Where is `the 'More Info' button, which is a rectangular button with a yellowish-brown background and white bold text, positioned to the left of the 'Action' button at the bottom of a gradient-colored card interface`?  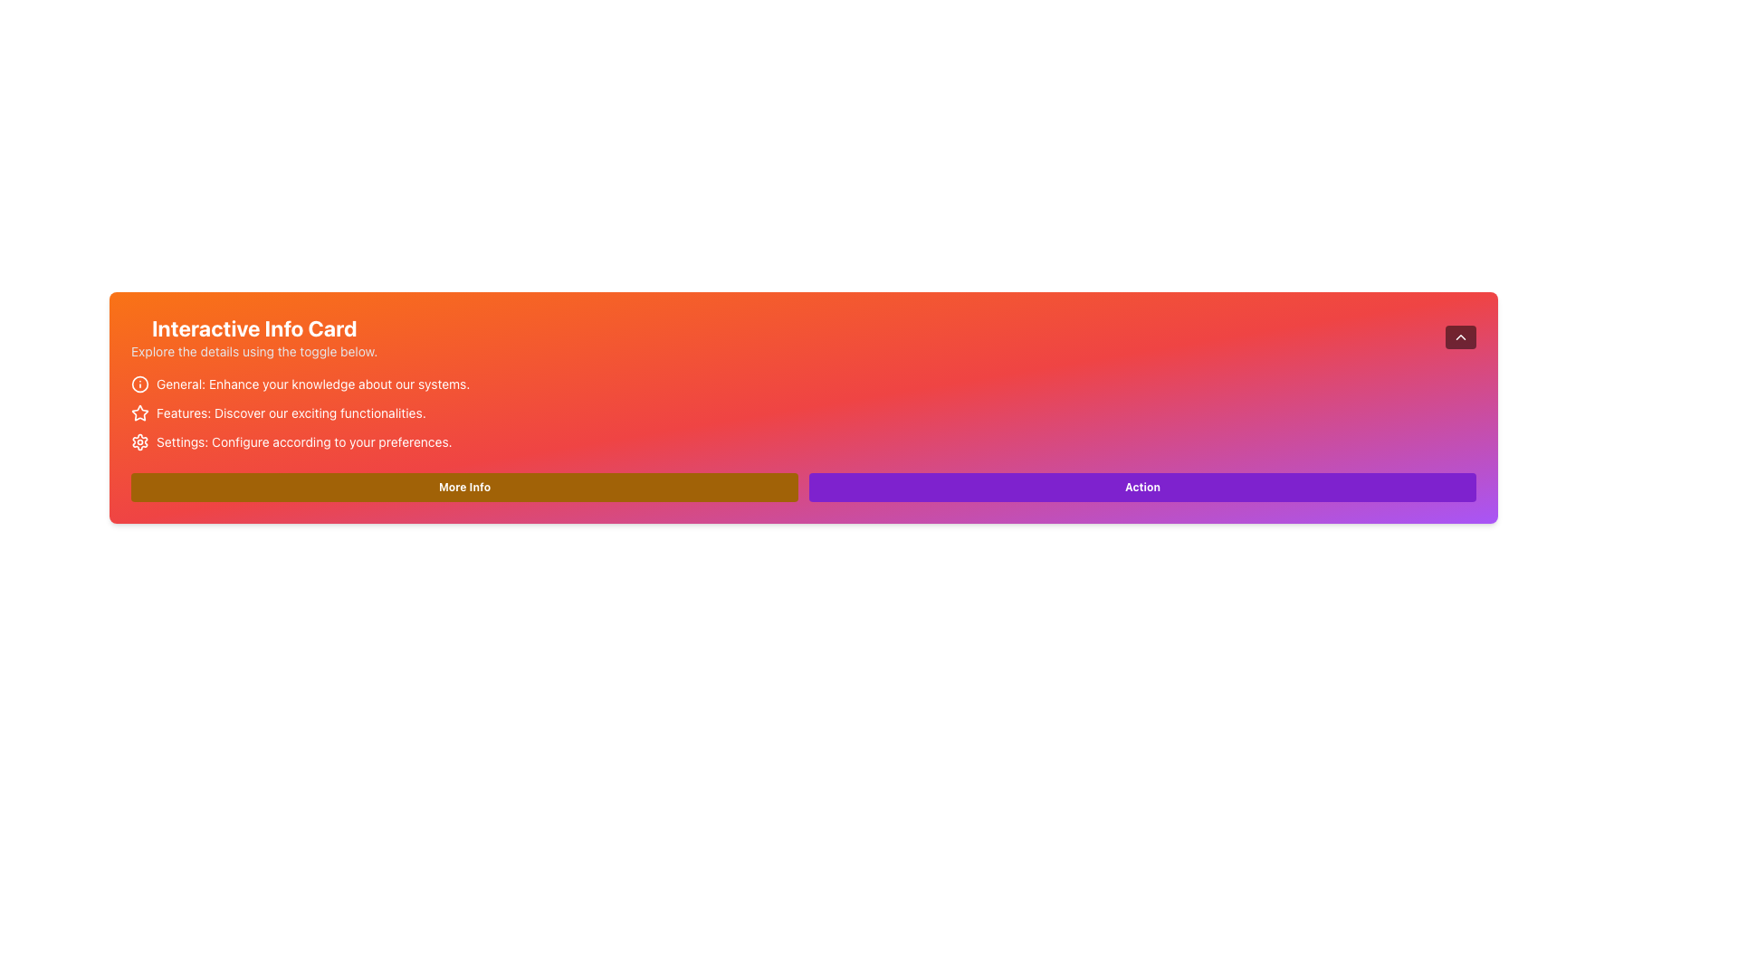
the 'More Info' button, which is a rectangular button with a yellowish-brown background and white bold text, positioned to the left of the 'Action' button at the bottom of a gradient-colored card interface is located at coordinates (464, 487).